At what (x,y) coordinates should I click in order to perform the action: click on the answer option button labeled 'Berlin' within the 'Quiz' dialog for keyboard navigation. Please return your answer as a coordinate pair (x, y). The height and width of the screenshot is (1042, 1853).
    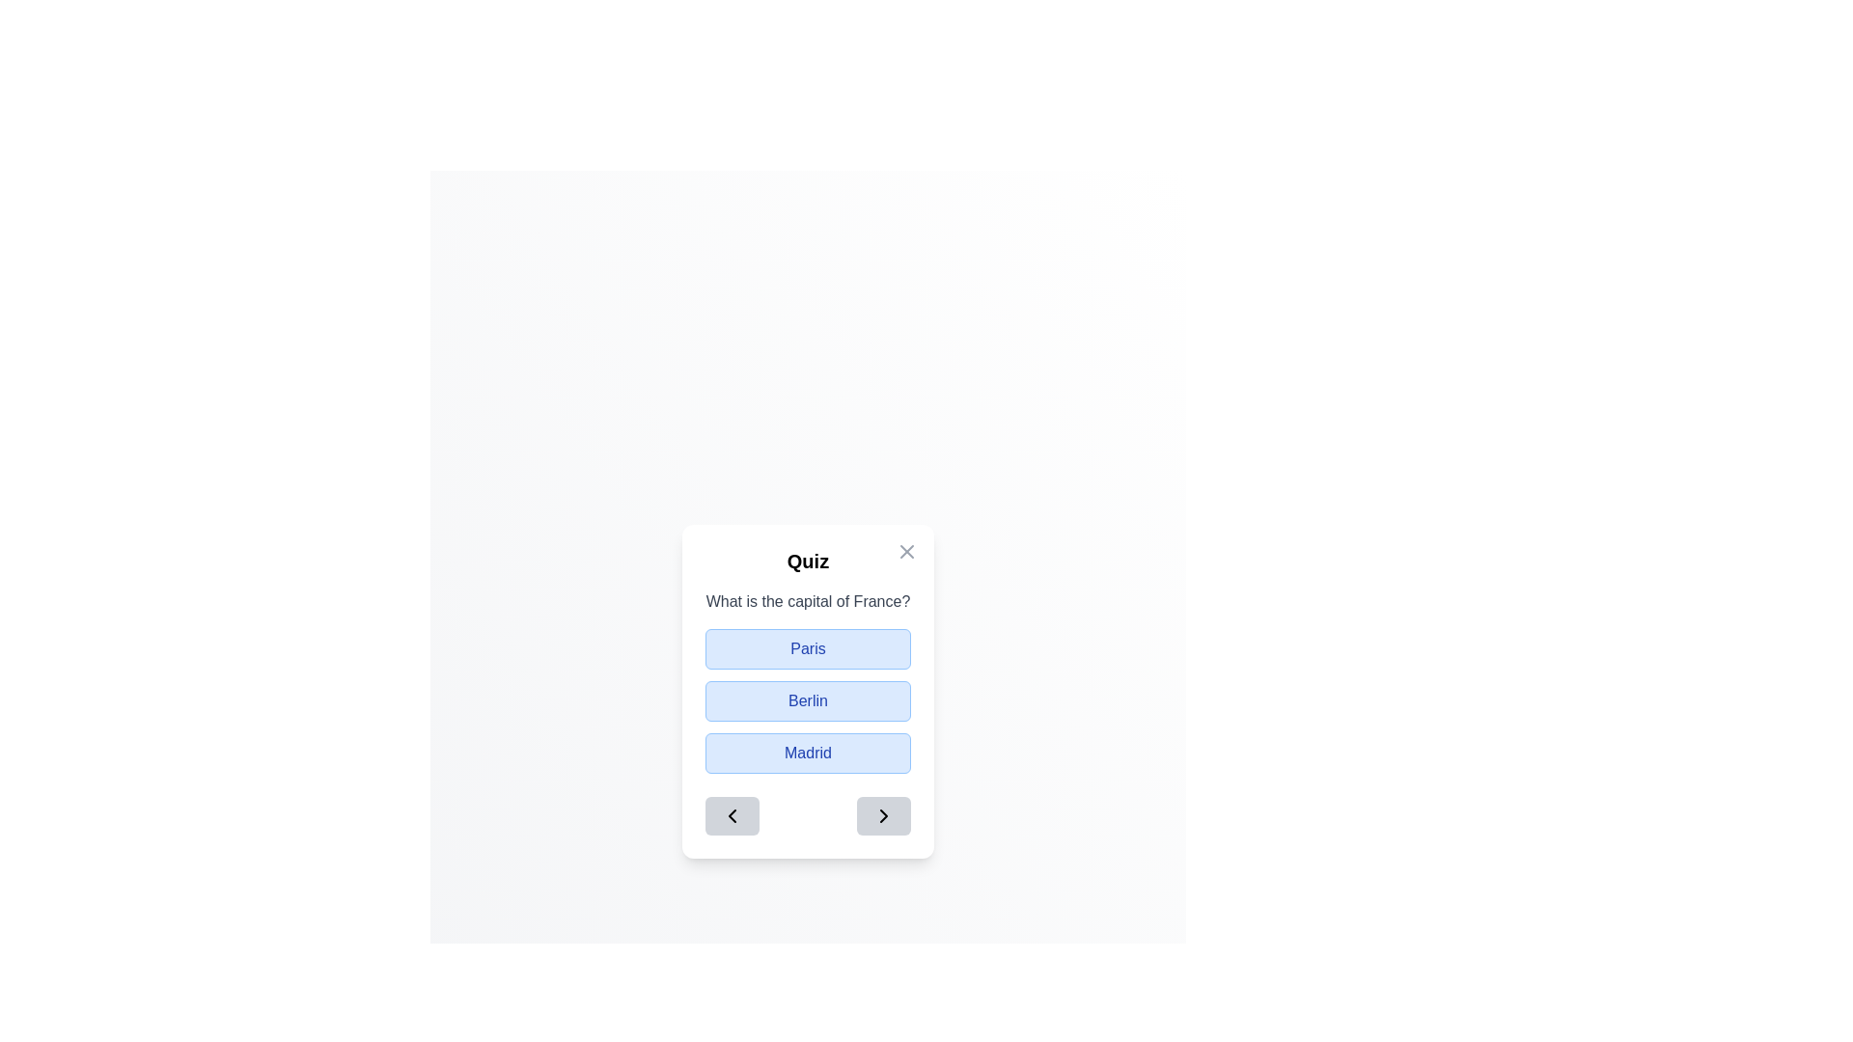
    Looking at the image, I should click on (808, 691).